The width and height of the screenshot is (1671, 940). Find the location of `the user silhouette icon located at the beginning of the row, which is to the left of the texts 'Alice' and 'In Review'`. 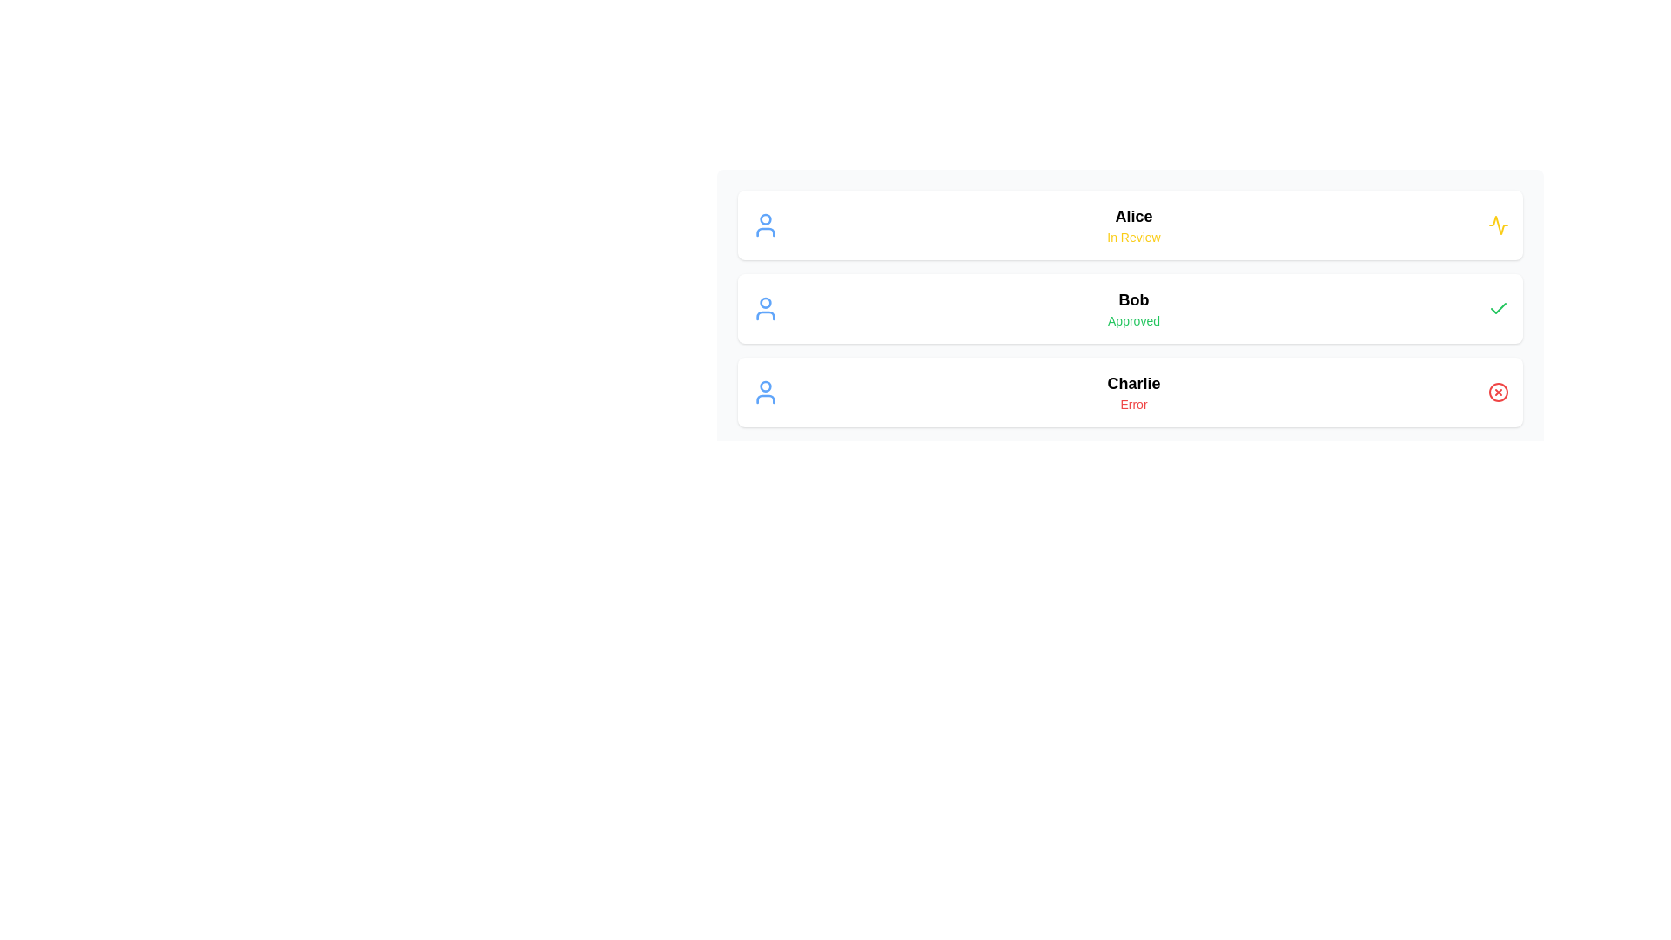

the user silhouette icon located at the beginning of the row, which is to the left of the texts 'Alice' and 'In Review' is located at coordinates (765, 224).